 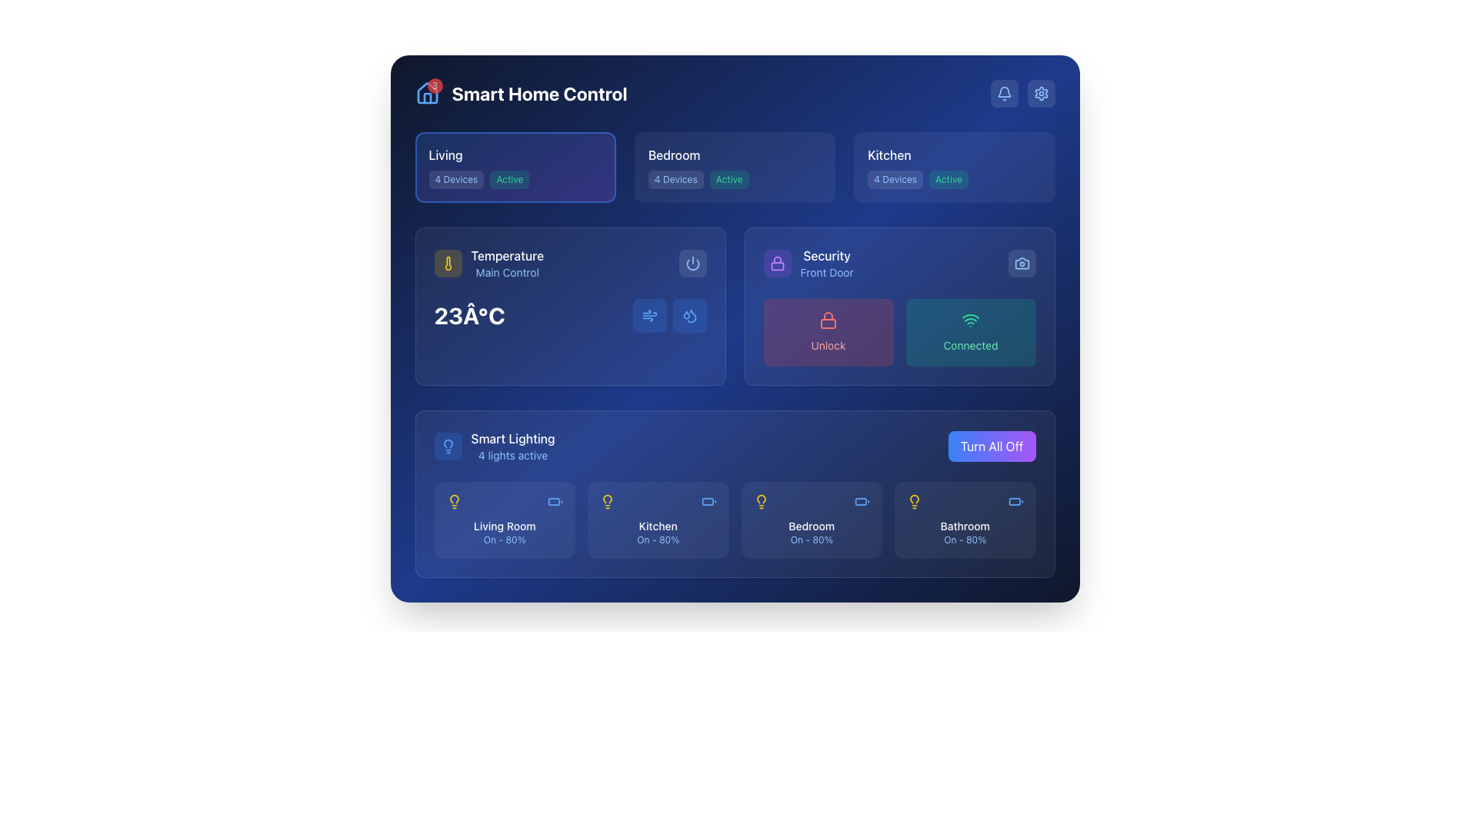 What do you see at coordinates (488, 263) in the screenshot?
I see `and interpret the information from the visual label representing the temperature control feature located in the central control panel area, below the 'Temperature Main Control' label` at bounding box center [488, 263].